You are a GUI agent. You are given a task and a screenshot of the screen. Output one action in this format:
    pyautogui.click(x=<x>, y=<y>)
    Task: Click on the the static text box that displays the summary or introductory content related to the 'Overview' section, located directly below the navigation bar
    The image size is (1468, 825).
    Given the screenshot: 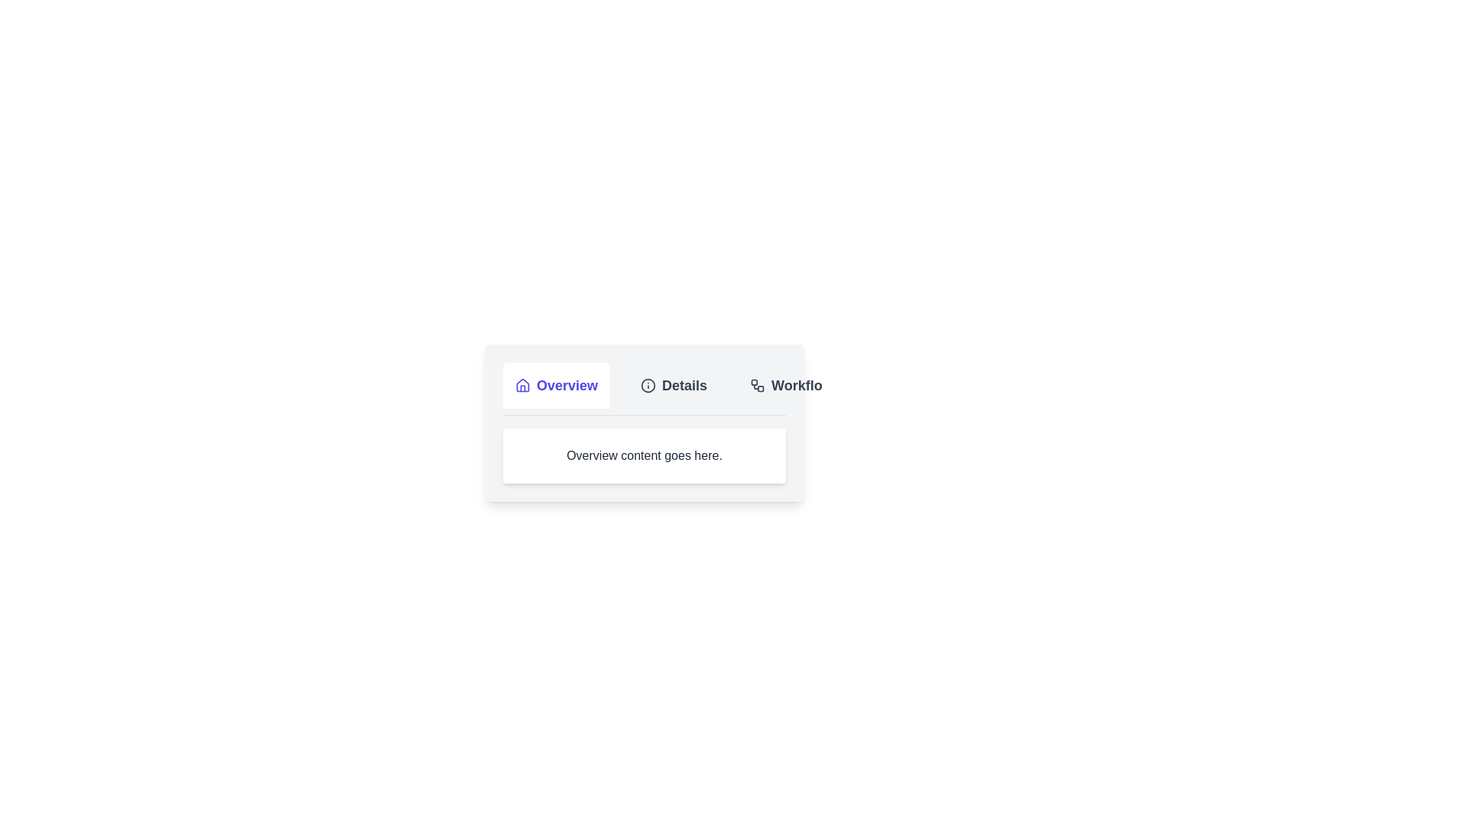 What is the action you would take?
    pyautogui.click(x=645, y=455)
    